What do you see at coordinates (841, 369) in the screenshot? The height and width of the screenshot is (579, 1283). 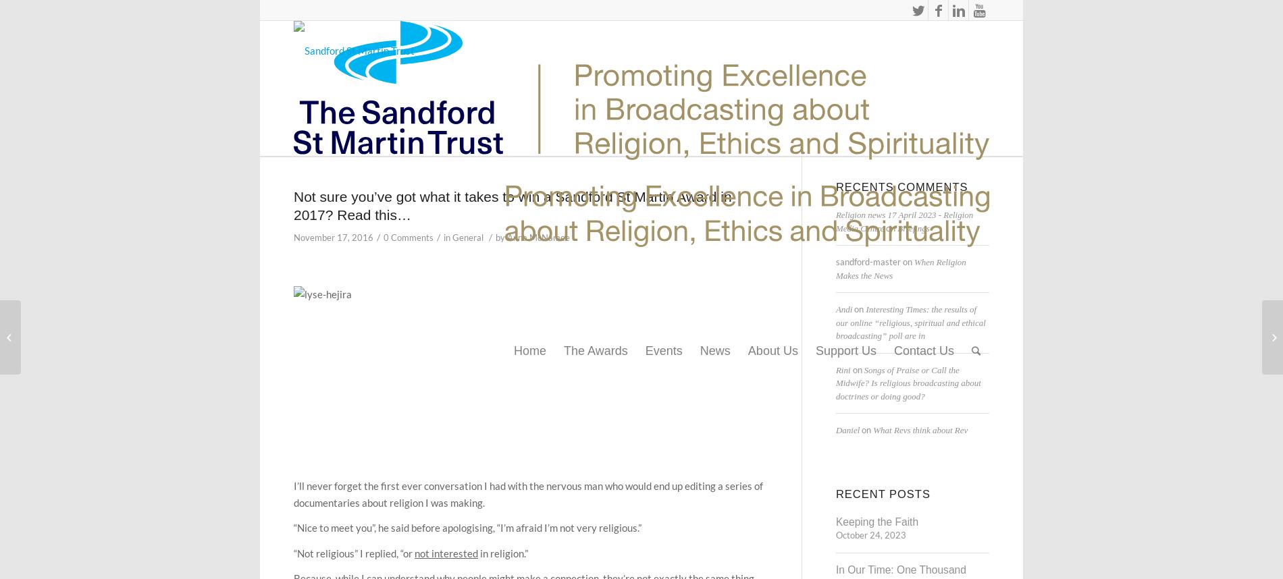 I see `'Rini'` at bounding box center [841, 369].